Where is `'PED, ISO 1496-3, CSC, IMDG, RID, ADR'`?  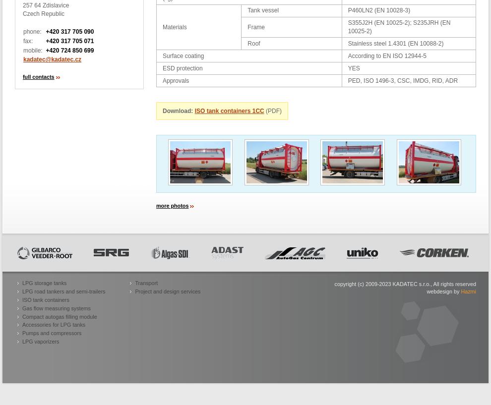 'PED, ISO 1496-3, CSC, IMDG, RID, ADR' is located at coordinates (402, 80).